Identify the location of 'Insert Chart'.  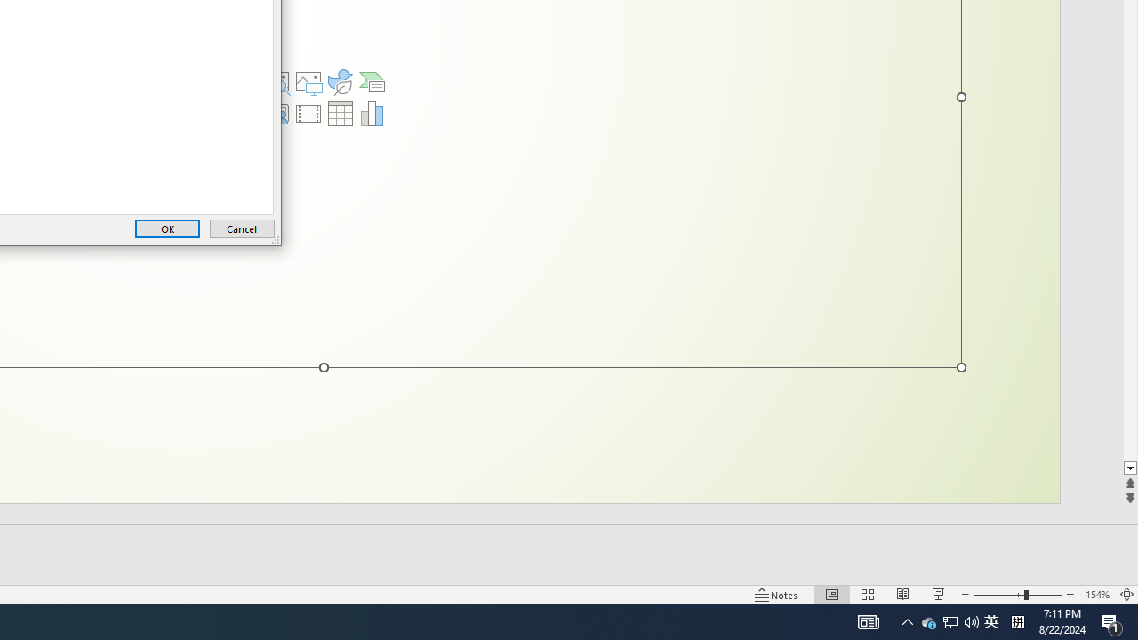
(372, 114).